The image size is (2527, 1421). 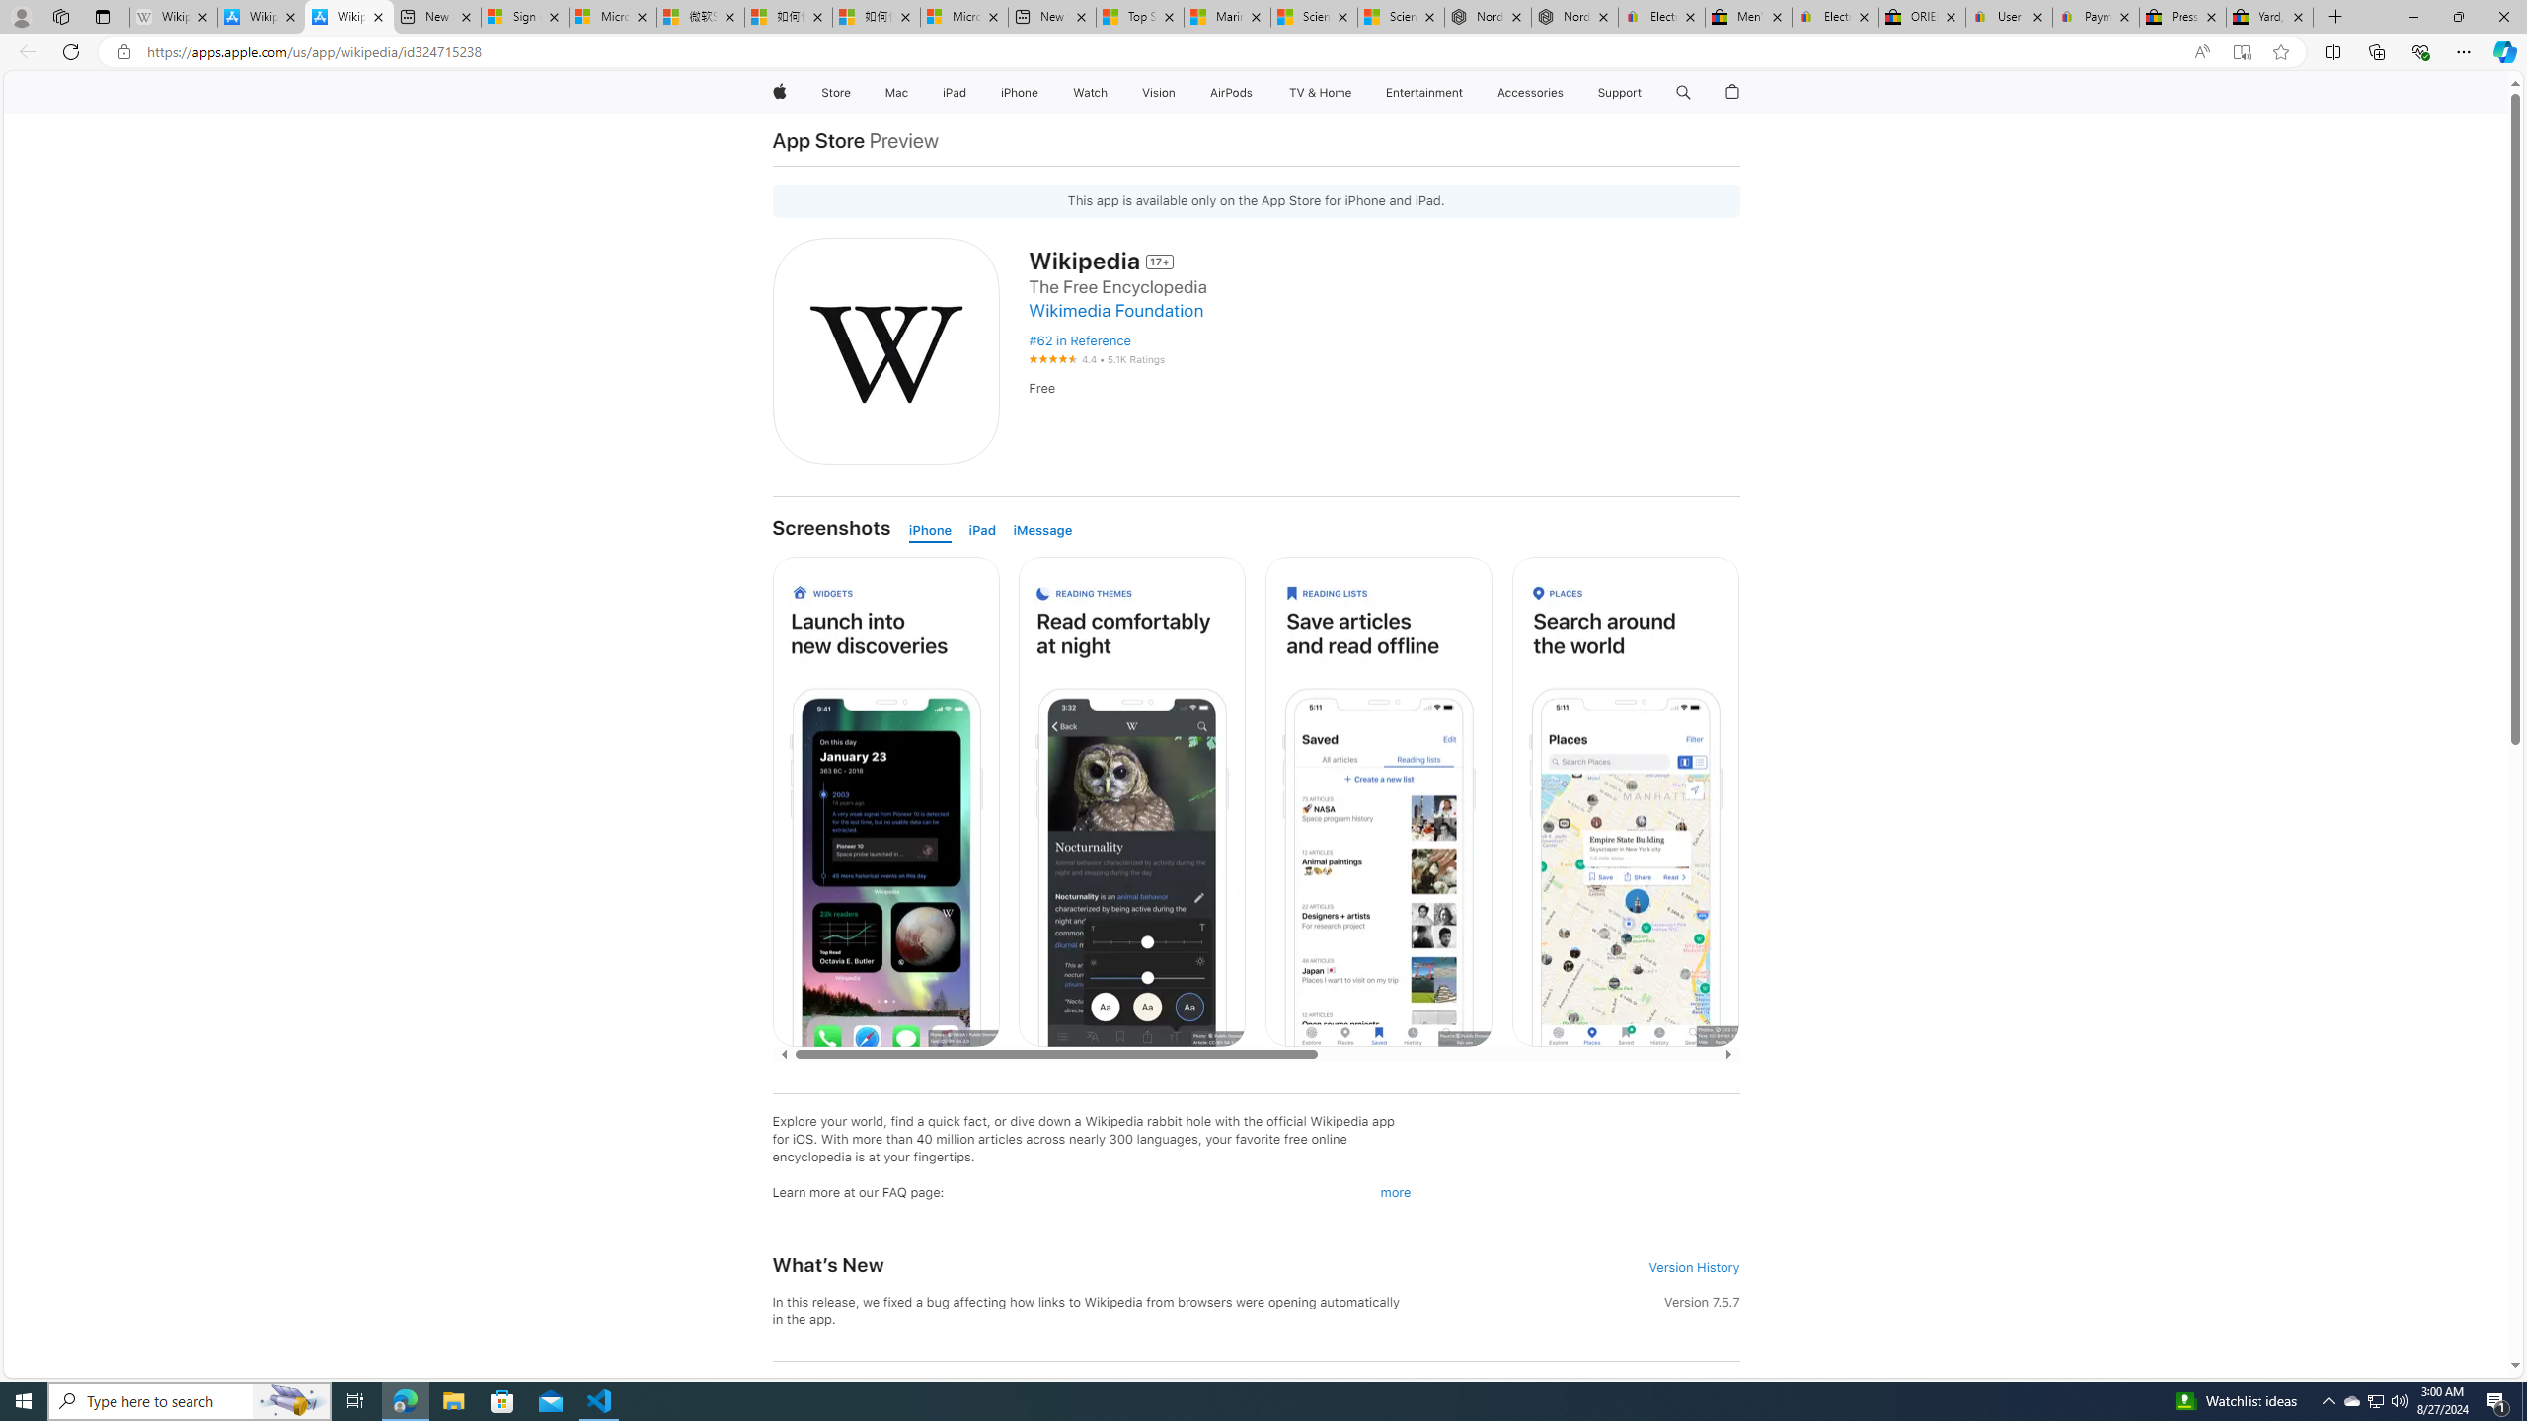 What do you see at coordinates (1231, 92) in the screenshot?
I see `'AirPods'` at bounding box center [1231, 92].